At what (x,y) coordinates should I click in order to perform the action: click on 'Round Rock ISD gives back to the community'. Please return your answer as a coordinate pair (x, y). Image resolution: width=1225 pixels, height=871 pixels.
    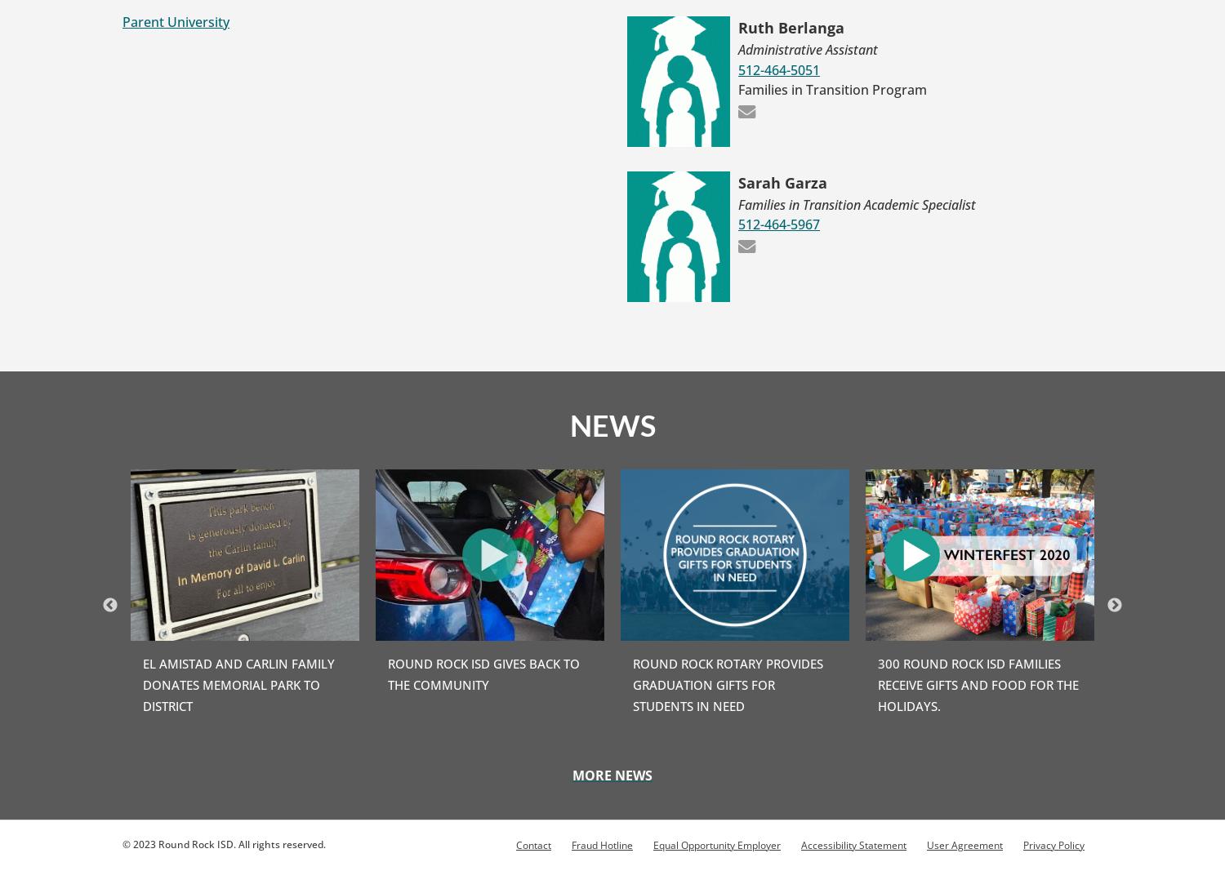
    Looking at the image, I should click on (483, 673).